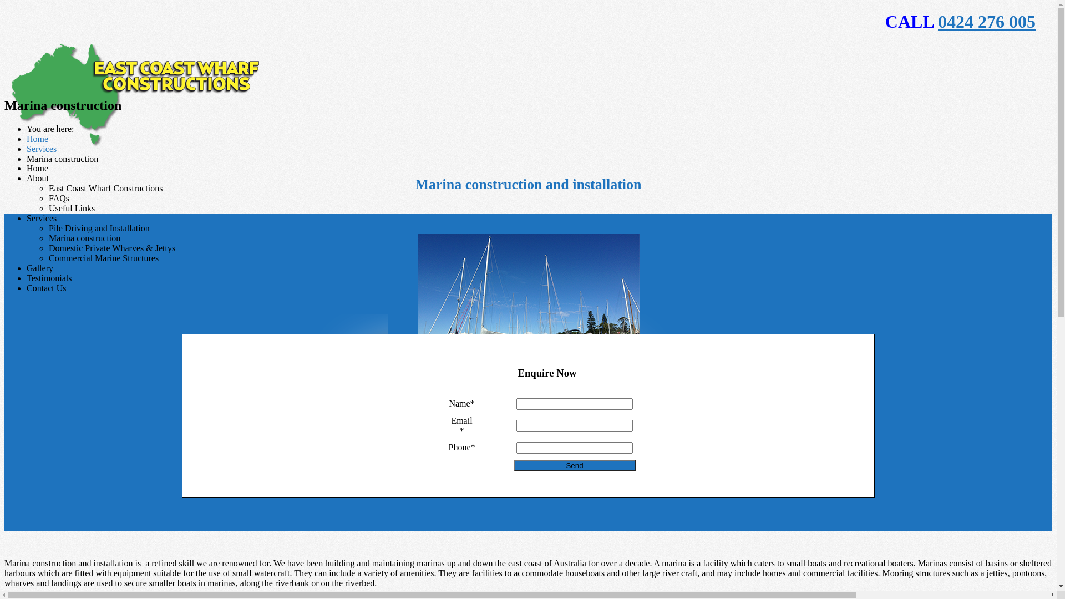  Describe the element at coordinates (48, 237) in the screenshot. I see `'Marina construction'` at that location.